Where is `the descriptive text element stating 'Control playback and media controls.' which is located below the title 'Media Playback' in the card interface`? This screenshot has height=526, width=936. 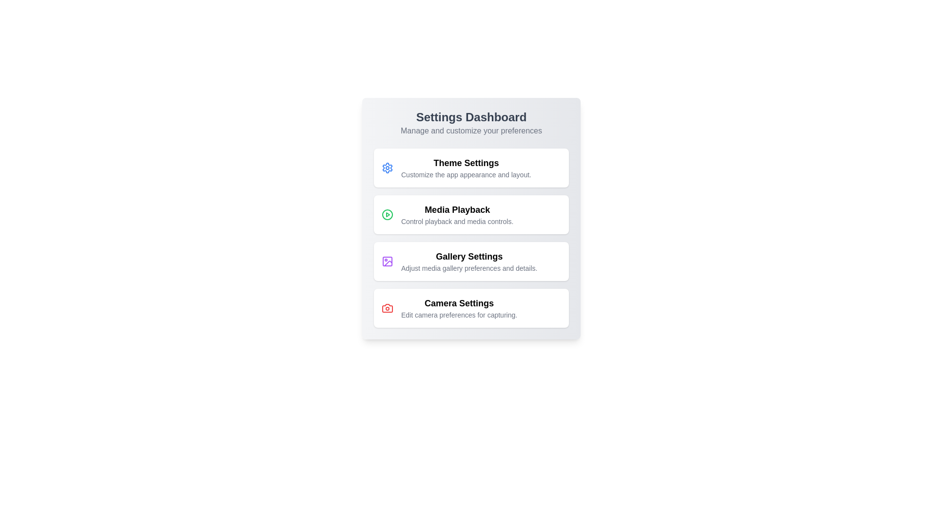 the descriptive text element stating 'Control playback and media controls.' which is located below the title 'Media Playback' in the card interface is located at coordinates (457, 222).